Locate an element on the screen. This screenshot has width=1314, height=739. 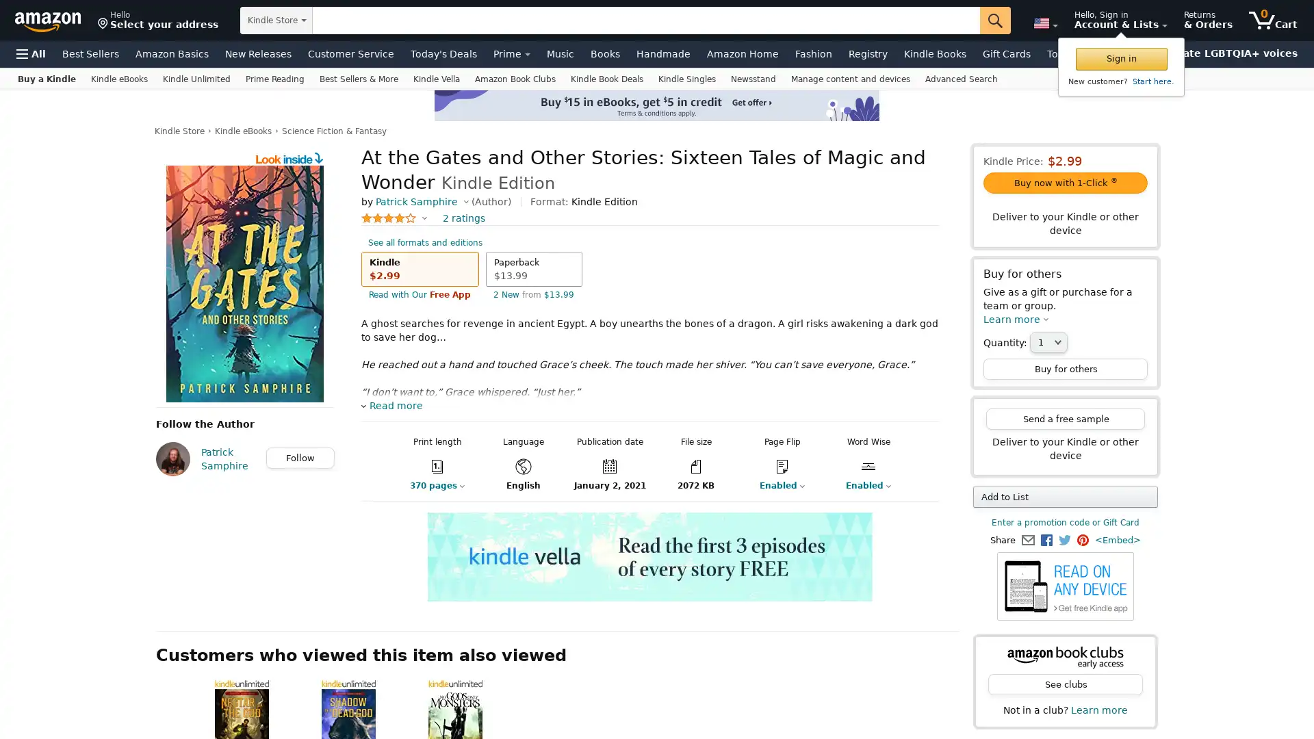
See clubs is located at coordinates (1064, 684).